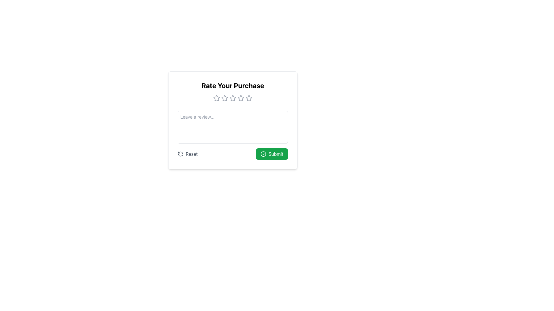 This screenshot has width=554, height=311. What do you see at coordinates (233, 98) in the screenshot?
I see `the third star in the star rating control` at bounding box center [233, 98].